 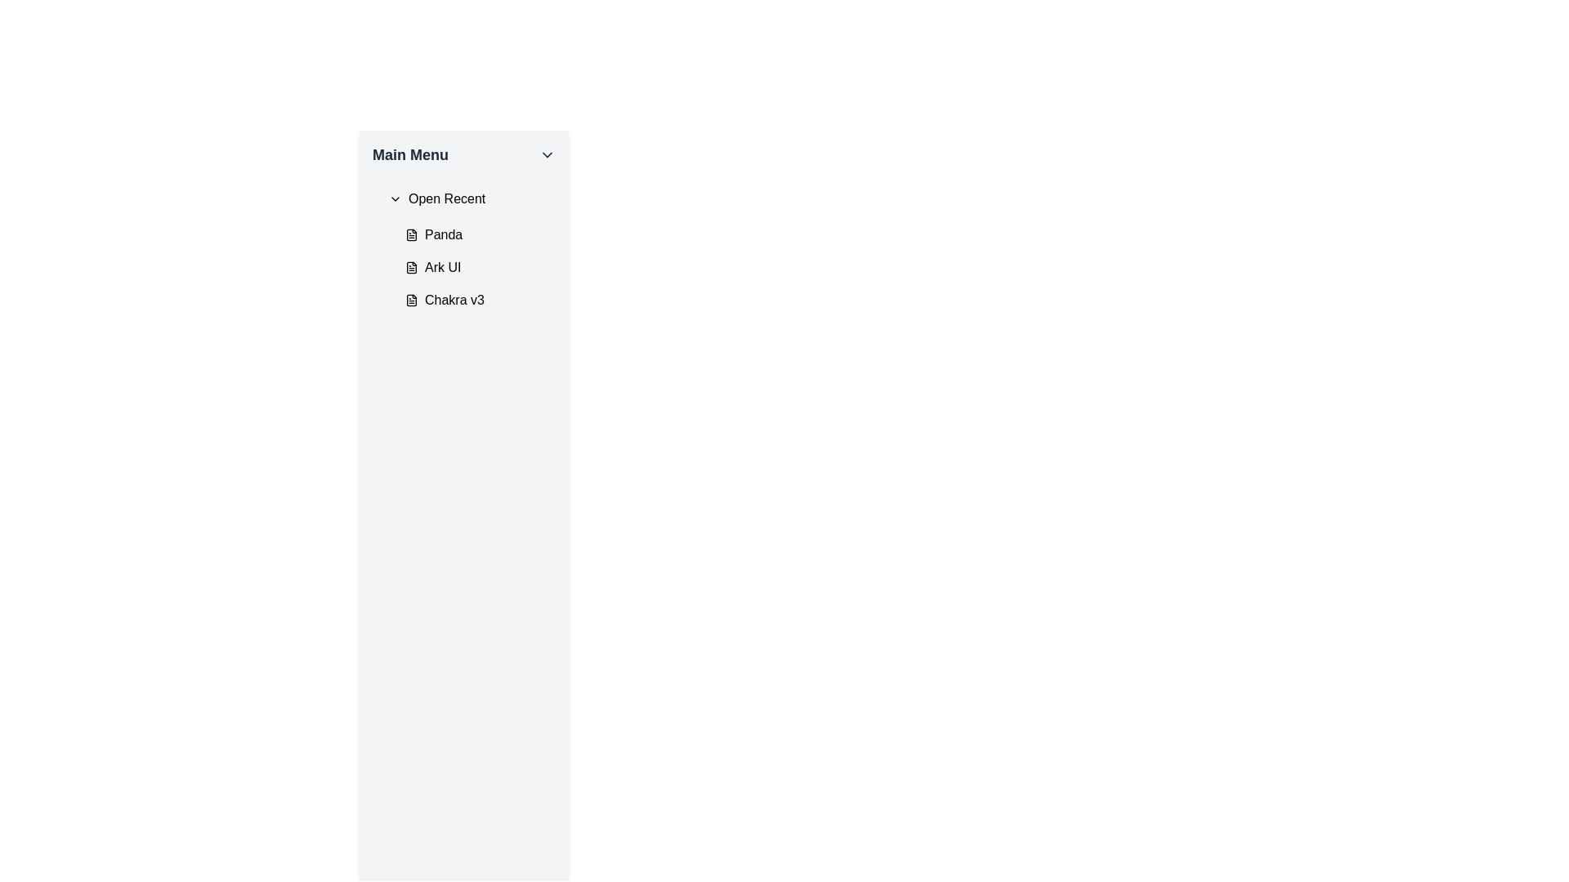 I want to click on the Dropdown trigger located beneath the 'Main Menu' title, so click(x=473, y=198).